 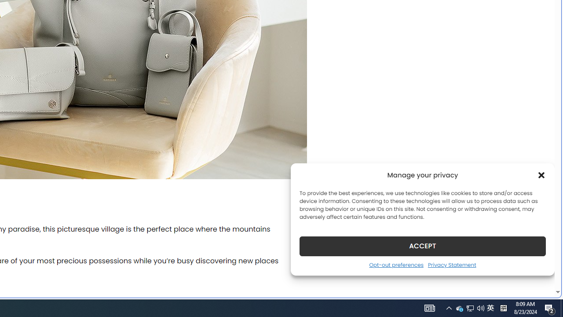 What do you see at coordinates (452, 264) in the screenshot?
I see `'Privacy Statement'` at bounding box center [452, 264].